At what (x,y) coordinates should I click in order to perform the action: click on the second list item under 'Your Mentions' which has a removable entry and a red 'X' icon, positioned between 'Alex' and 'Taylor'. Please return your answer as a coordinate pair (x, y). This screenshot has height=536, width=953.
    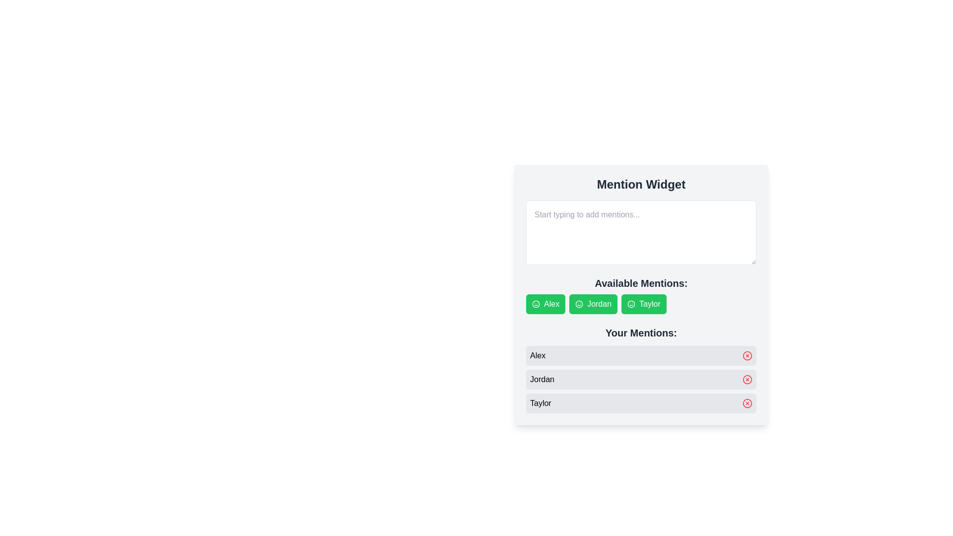
    Looking at the image, I should click on (641, 379).